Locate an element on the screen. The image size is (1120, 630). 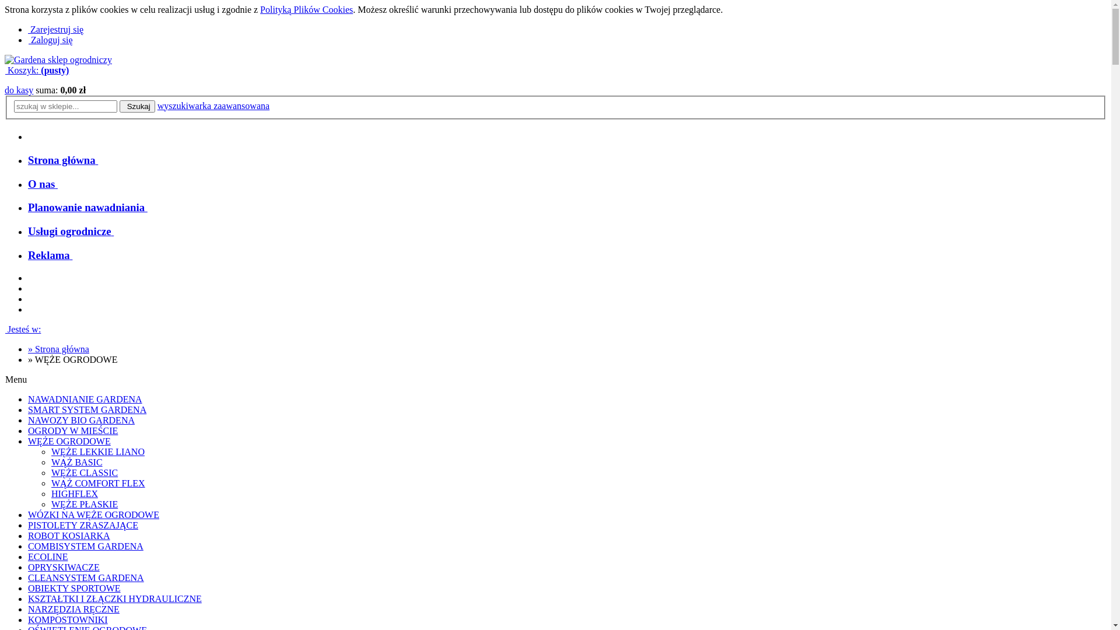
'OBIEKTY SPORTOWE' is located at coordinates (73, 588).